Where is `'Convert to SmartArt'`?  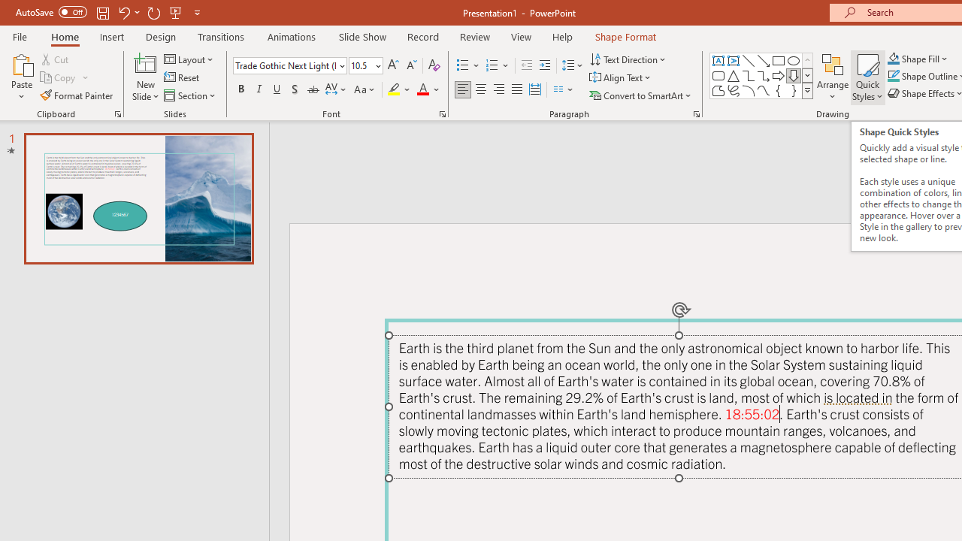 'Convert to SmartArt' is located at coordinates (641, 95).